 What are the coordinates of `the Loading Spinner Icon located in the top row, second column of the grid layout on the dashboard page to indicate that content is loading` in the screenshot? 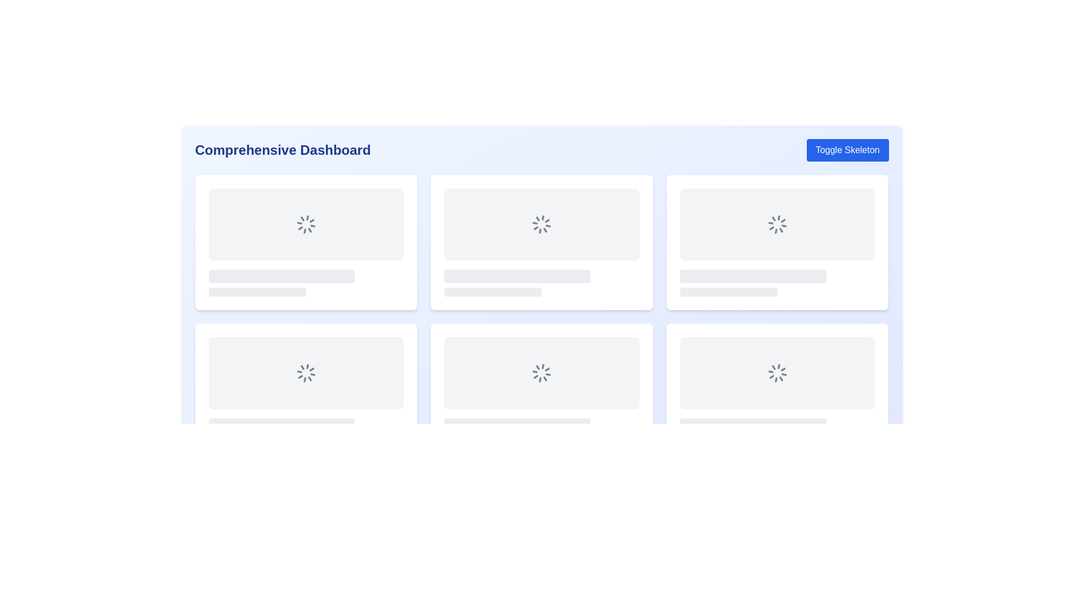 It's located at (542, 224).